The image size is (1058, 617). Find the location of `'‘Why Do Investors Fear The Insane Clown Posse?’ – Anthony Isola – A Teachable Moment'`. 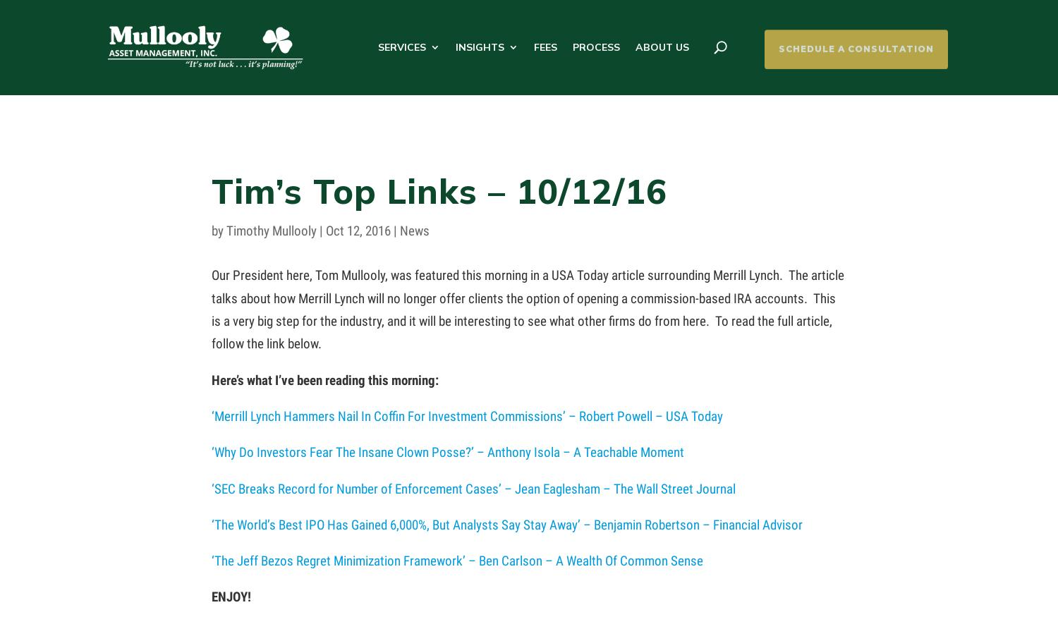

'‘Why Do Investors Fear The Insane Clown Posse?’ – Anthony Isola – A Teachable Moment' is located at coordinates (212, 451).